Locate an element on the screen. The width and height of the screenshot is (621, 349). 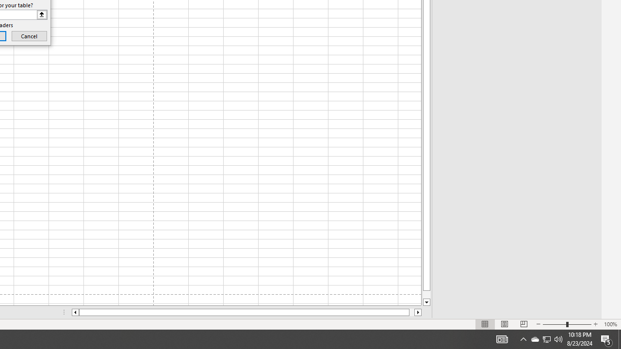
'Column right' is located at coordinates (418, 312).